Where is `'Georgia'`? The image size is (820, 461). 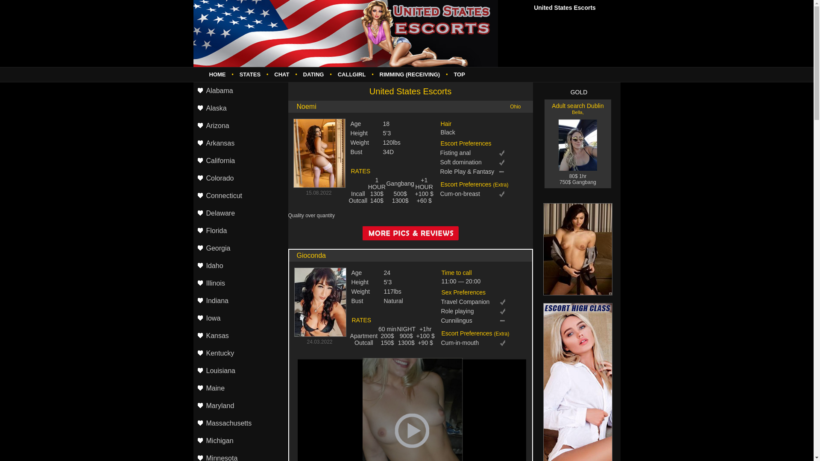
'Georgia' is located at coordinates (239, 248).